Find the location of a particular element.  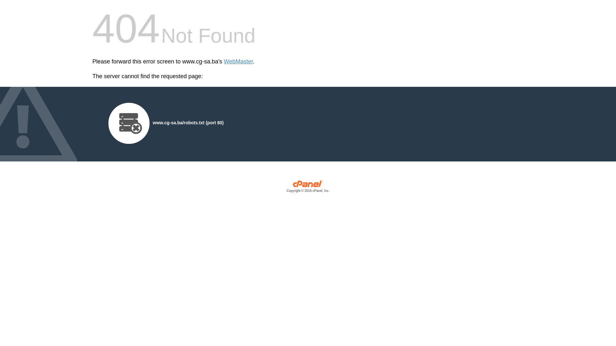

'WebMaster' is located at coordinates (238, 62).